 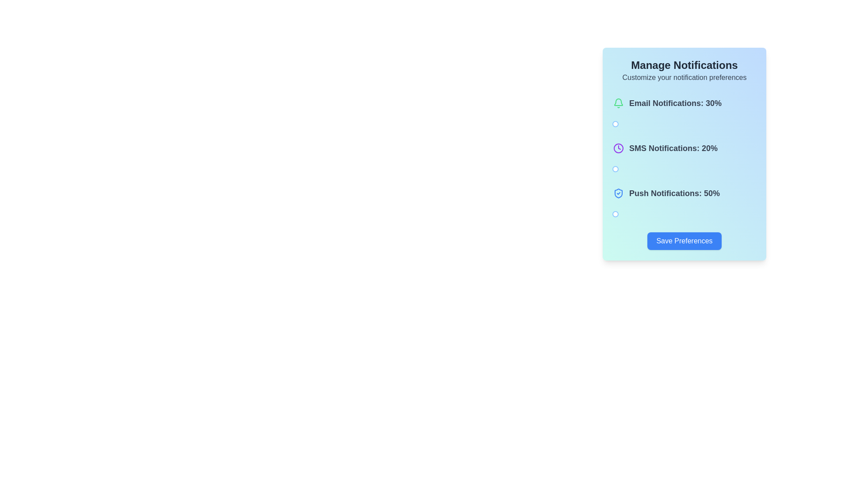 I want to click on Email Notifications, so click(x=650, y=124).